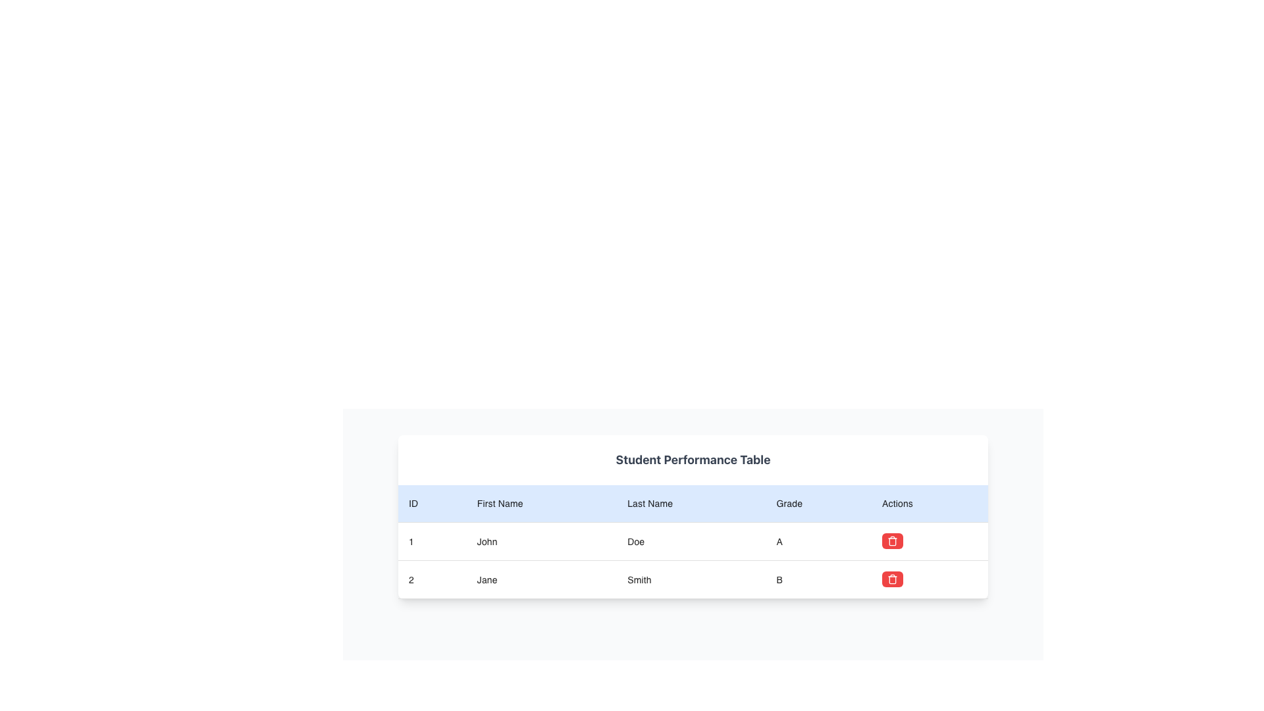 This screenshot has height=711, width=1264. Describe the element at coordinates (893, 578) in the screenshot. I see `the delete button with the trash can icon in the Actions column of the second row corresponding to Jane Smith's data` at that location.